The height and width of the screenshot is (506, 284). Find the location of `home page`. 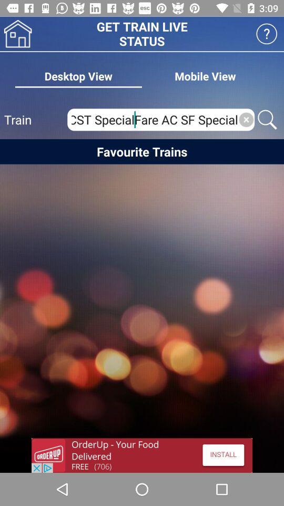

home page is located at coordinates (17, 34).